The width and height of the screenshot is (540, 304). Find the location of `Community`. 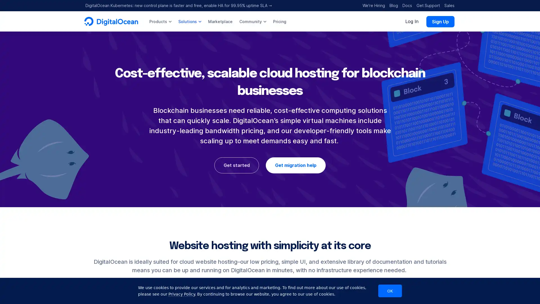

Community is located at coordinates (252, 21).